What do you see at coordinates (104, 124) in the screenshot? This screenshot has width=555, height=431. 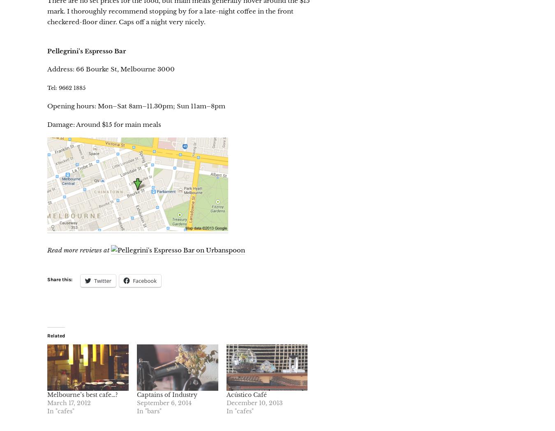 I see `'Damage: Around $15 for main meals'` at bounding box center [104, 124].